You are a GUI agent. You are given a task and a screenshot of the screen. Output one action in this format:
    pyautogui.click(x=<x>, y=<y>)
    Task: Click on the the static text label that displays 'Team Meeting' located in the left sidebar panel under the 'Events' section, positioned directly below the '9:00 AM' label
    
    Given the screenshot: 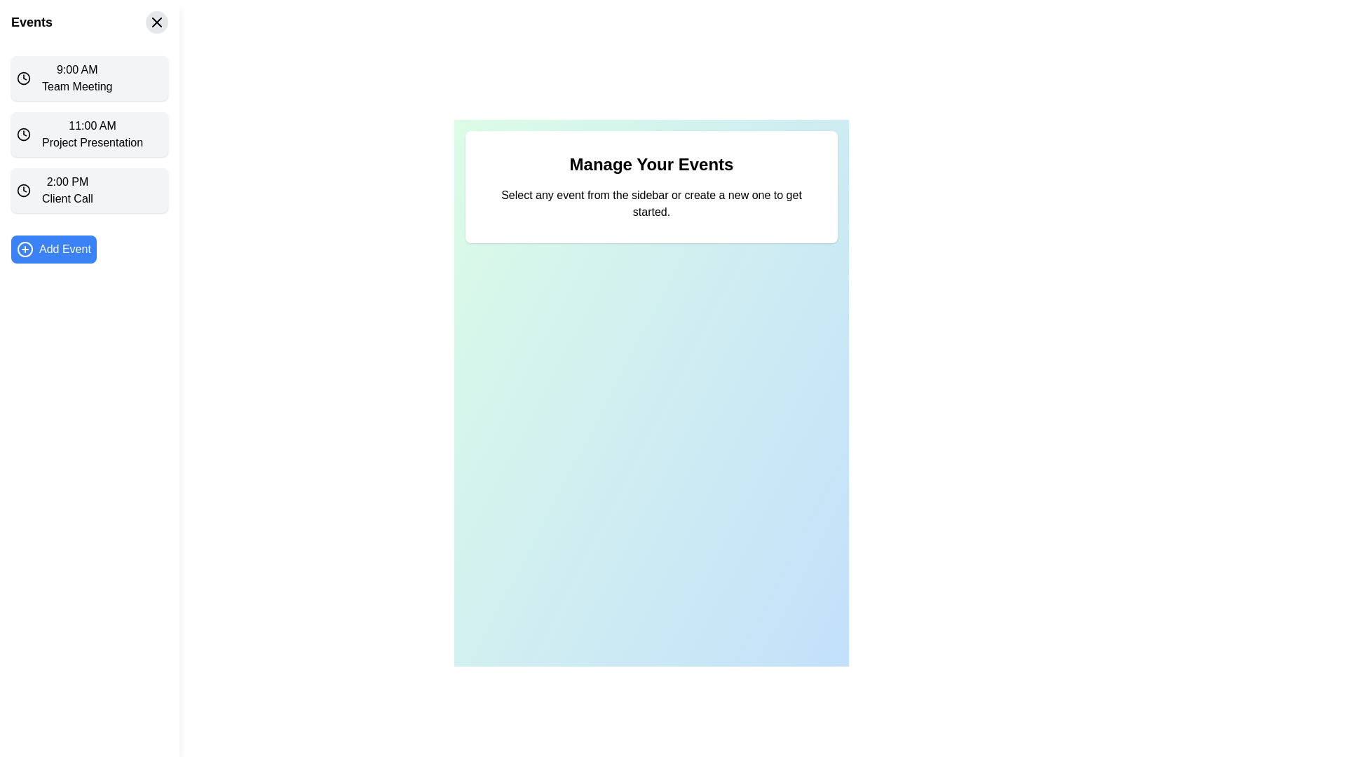 What is the action you would take?
    pyautogui.click(x=76, y=86)
    